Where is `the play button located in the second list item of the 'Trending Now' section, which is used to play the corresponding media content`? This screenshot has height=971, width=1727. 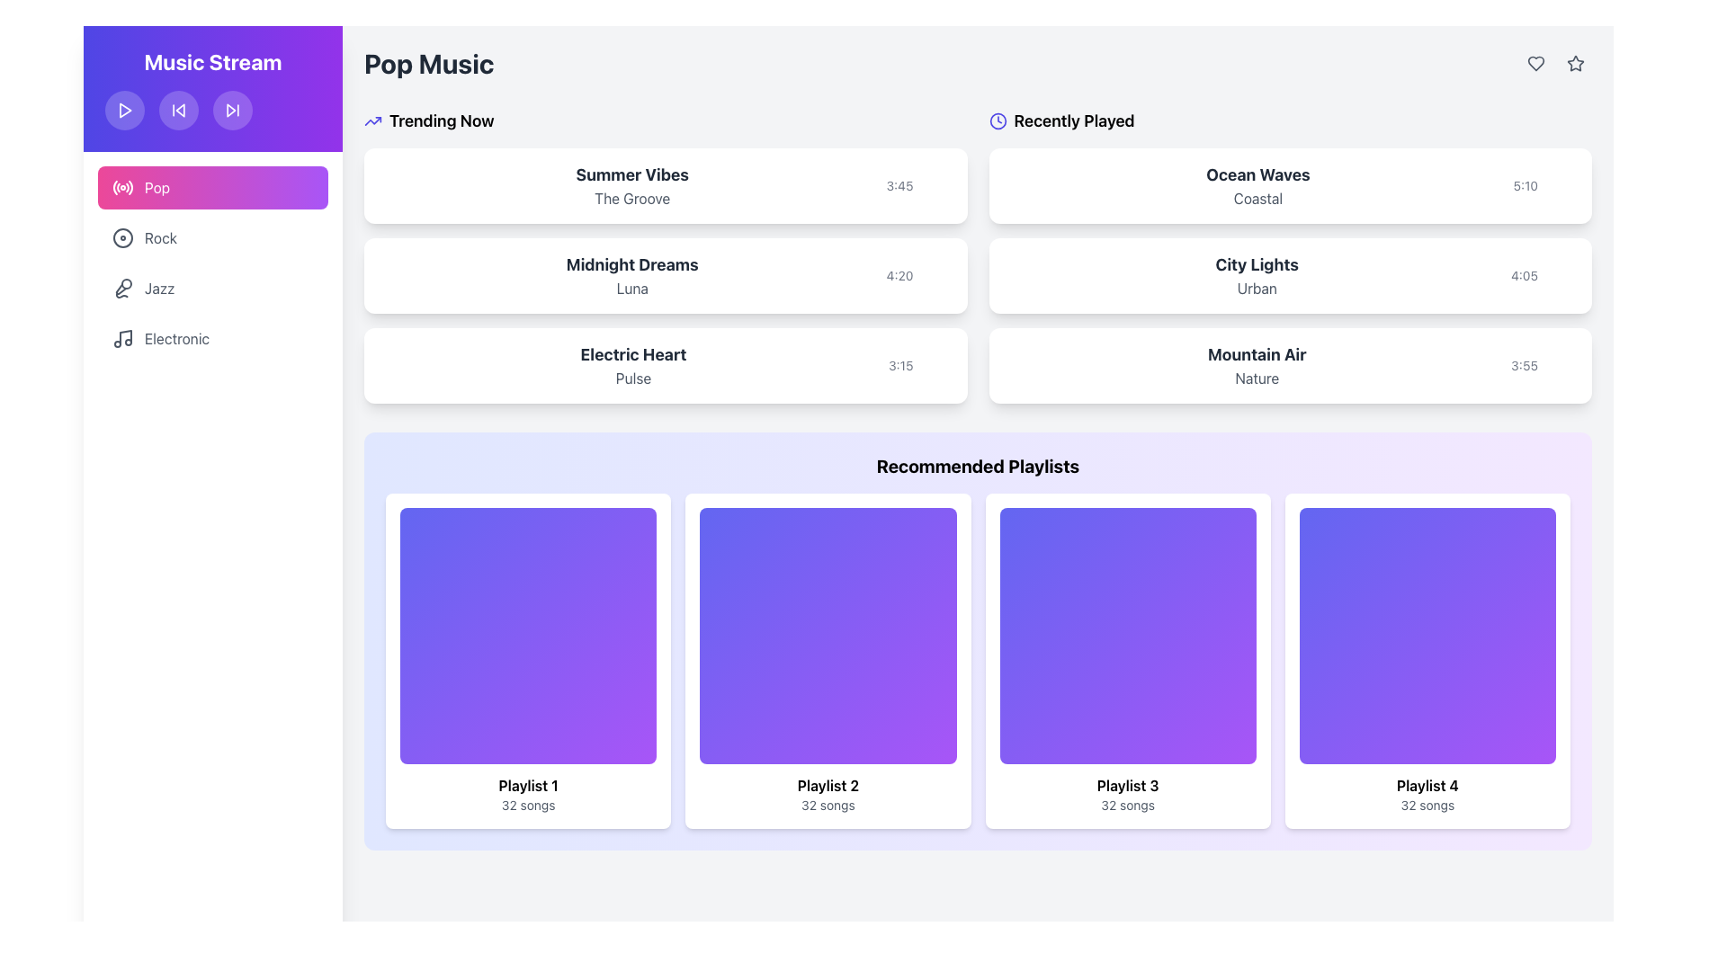
the play button located in the second list item of the 'Trending Now' section, which is used to play the corresponding media content is located at coordinates (937, 276).